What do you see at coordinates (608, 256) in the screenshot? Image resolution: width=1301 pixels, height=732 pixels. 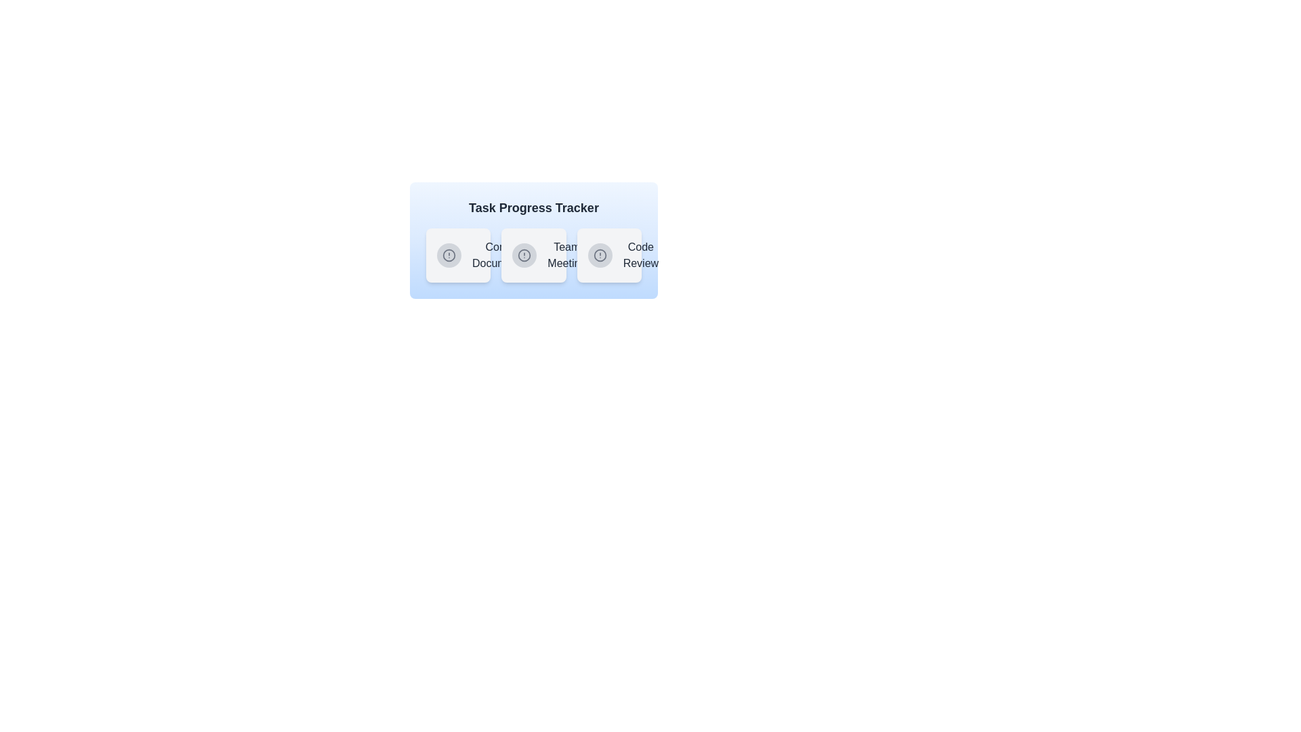 I see `the task chip labeled Code Review to toggle its completion state` at bounding box center [608, 256].